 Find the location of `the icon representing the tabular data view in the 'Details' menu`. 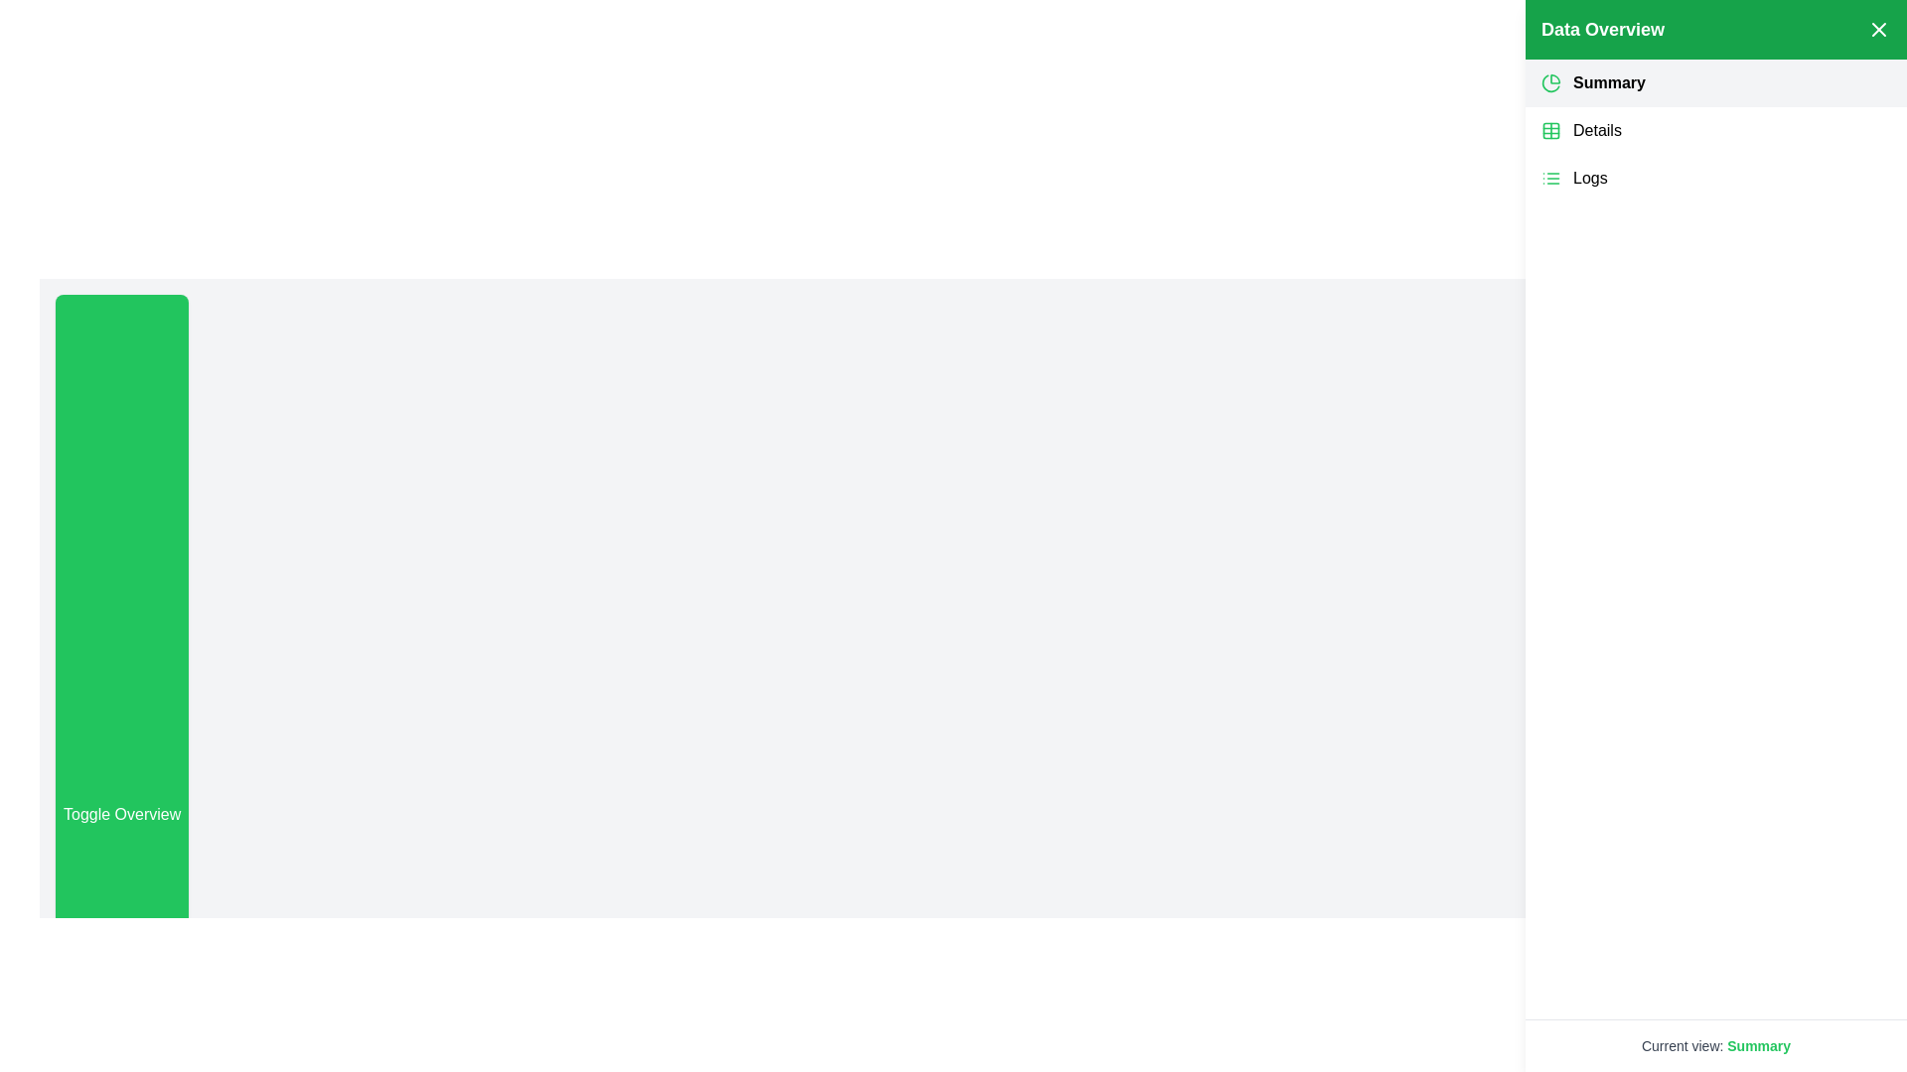

the icon representing the tabular data view in the 'Details' menu is located at coordinates (1549, 130).